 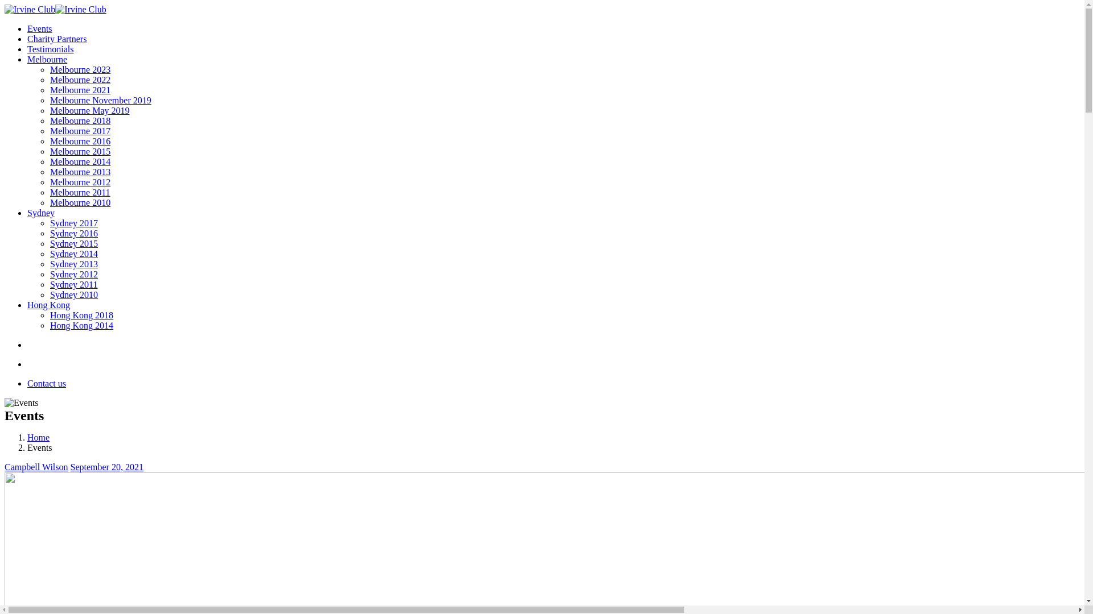 I want to click on 'Melbourne November 2019', so click(x=101, y=99).